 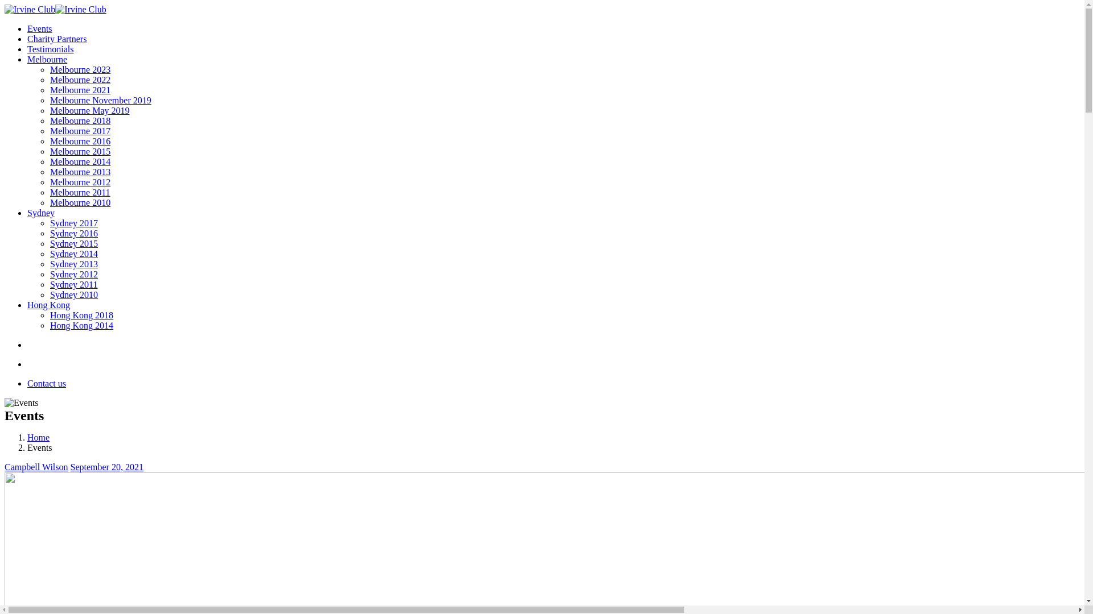 I want to click on 'Melbourne November 2019', so click(x=101, y=99).